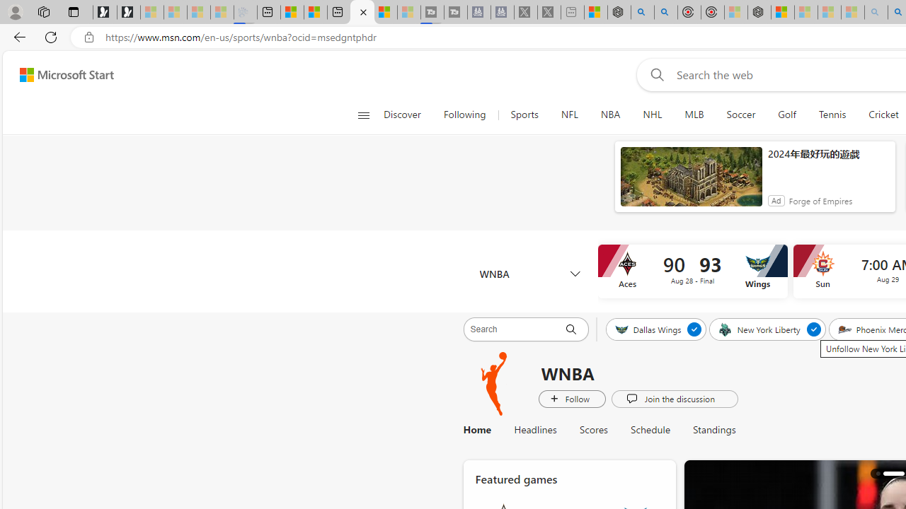 Image resolution: width=906 pixels, height=509 pixels. I want to click on 'Forge of Empires', so click(820, 201).